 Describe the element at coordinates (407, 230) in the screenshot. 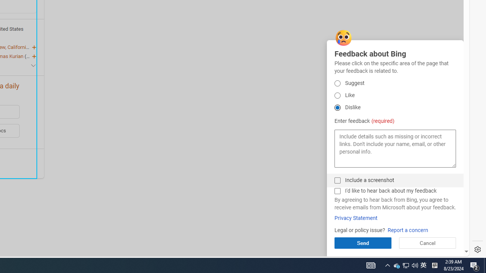

I see `'Report a concern'` at that location.